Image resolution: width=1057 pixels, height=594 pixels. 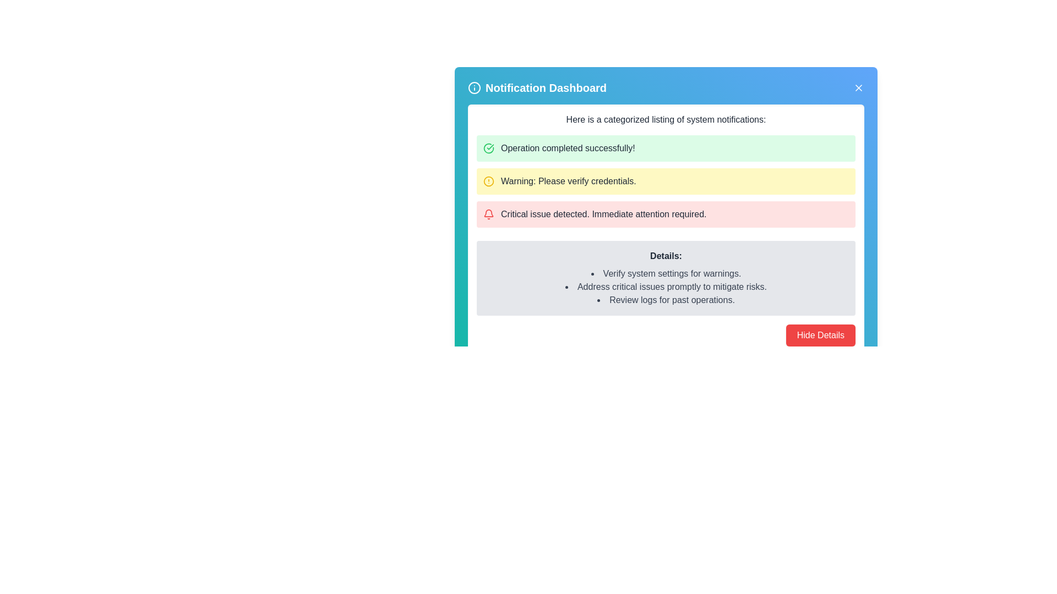 What do you see at coordinates (537, 87) in the screenshot?
I see `the 'Notification Dashboard' label, which is styled in a prominent white font and located near the top center of the interface with a blue background` at bounding box center [537, 87].